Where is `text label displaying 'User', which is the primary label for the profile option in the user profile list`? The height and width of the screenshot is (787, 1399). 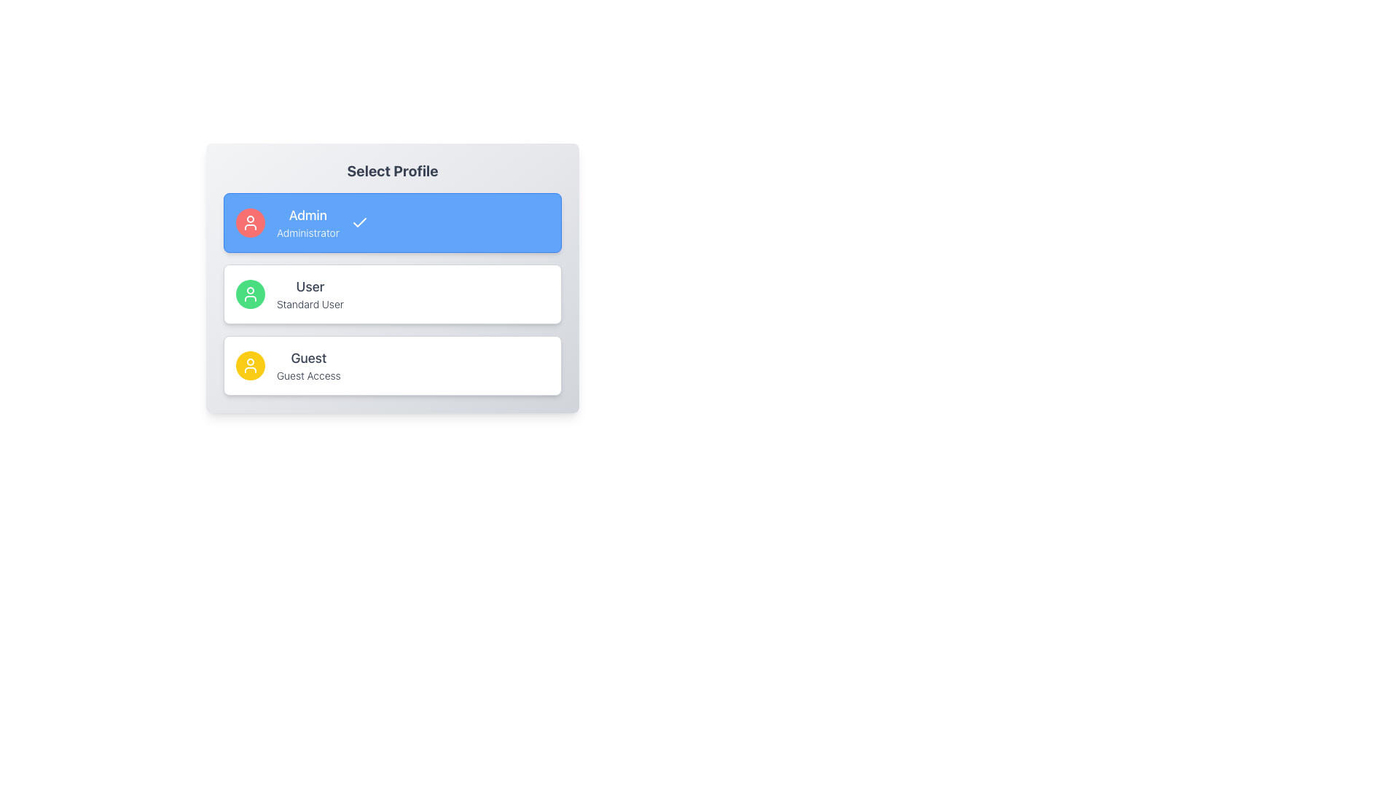
text label displaying 'User', which is the primary label for the profile option in the user profile list is located at coordinates (310, 286).